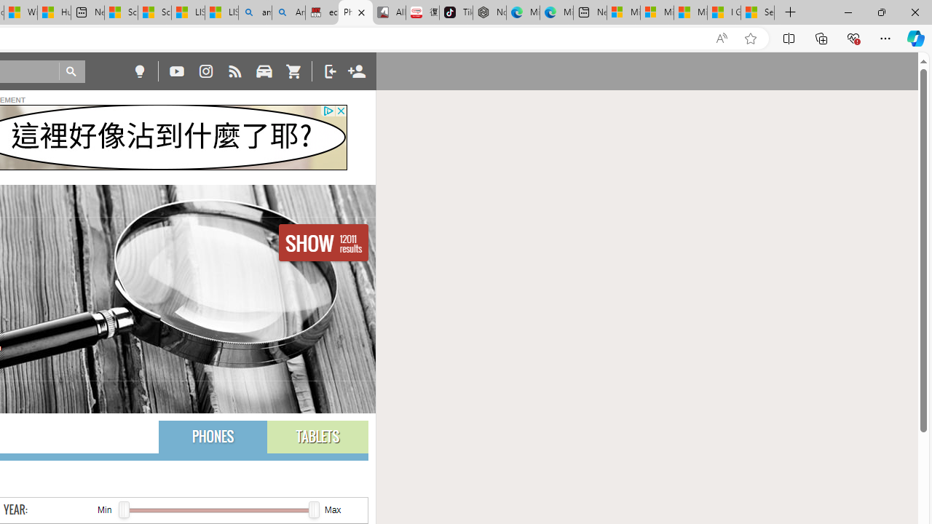 The width and height of the screenshot is (932, 524). Describe the element at coordinates (327, 110) in the screenshot. I see `'Class: privacy_out'` at that location.